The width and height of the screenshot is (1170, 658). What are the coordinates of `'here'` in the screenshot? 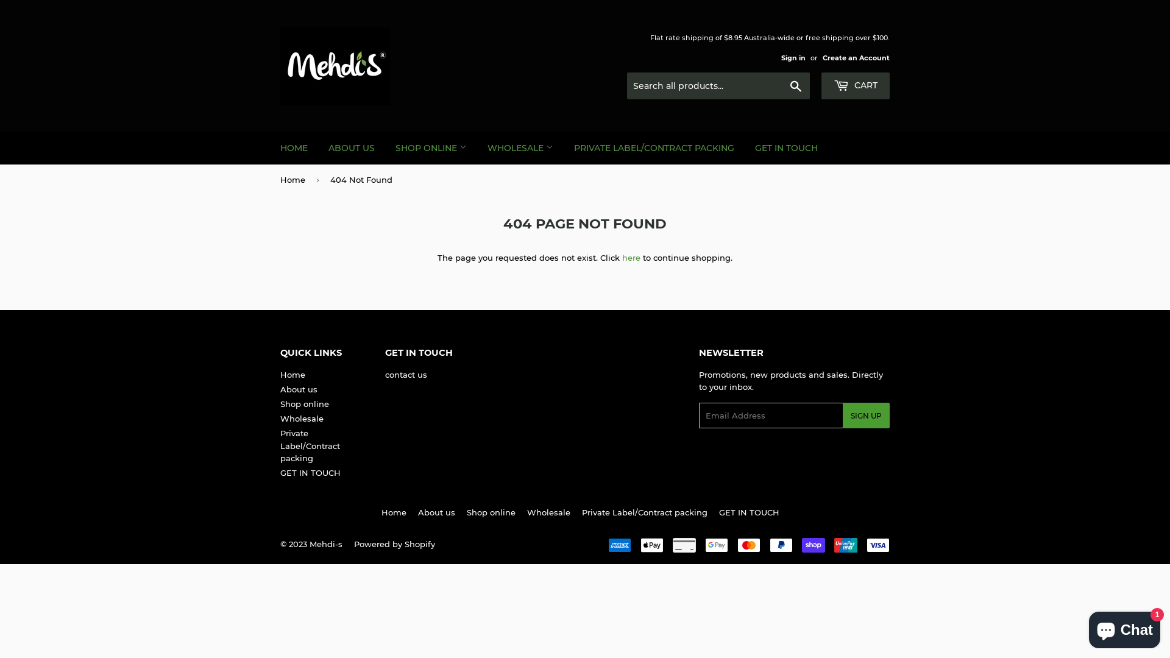 It's located at (631, 257).